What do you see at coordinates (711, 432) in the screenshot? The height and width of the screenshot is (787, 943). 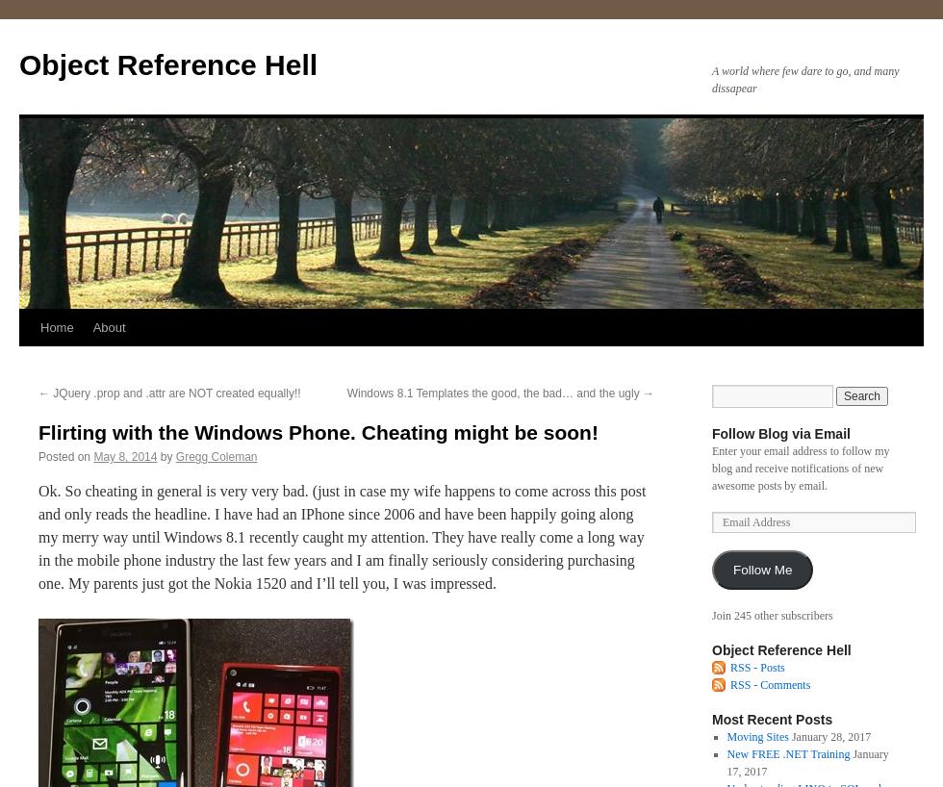 I see `'Follow Blog via Email'` at bounding box center [711, 432].